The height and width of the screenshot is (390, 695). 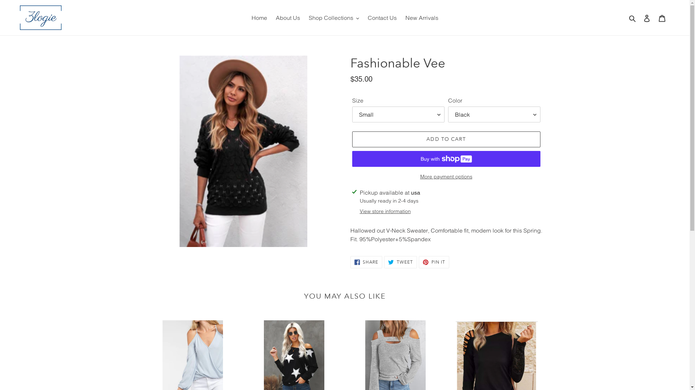 I want to click on 'Home', so click(x=259, y=17).